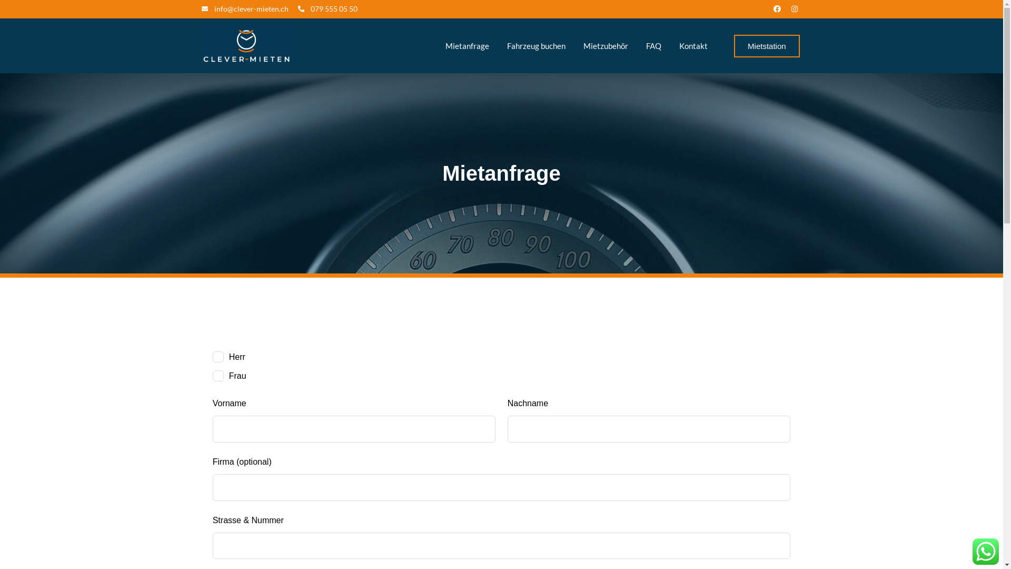 This screenshot has height=569, width=1011. What do you see at coordinates (327, 8) in the screenshot?
I see `'079 555 05 50'` at bounding box center [327, 8].